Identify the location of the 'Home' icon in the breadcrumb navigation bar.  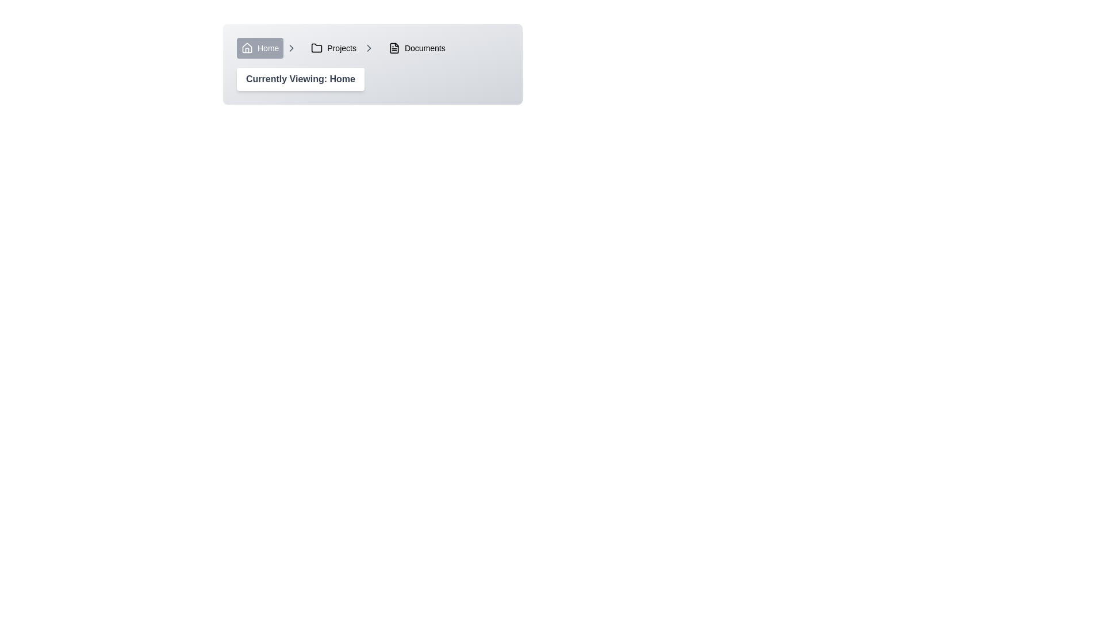
(247, 47).